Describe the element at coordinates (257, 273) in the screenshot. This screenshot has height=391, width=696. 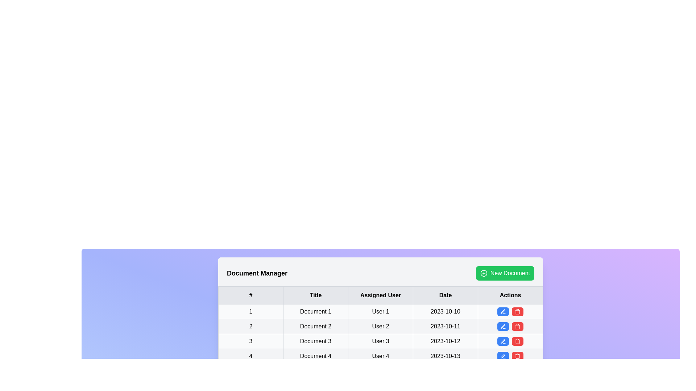
I see `the static text display element labeled 'Document Manager', which serves as a title in the document management section` at that location.